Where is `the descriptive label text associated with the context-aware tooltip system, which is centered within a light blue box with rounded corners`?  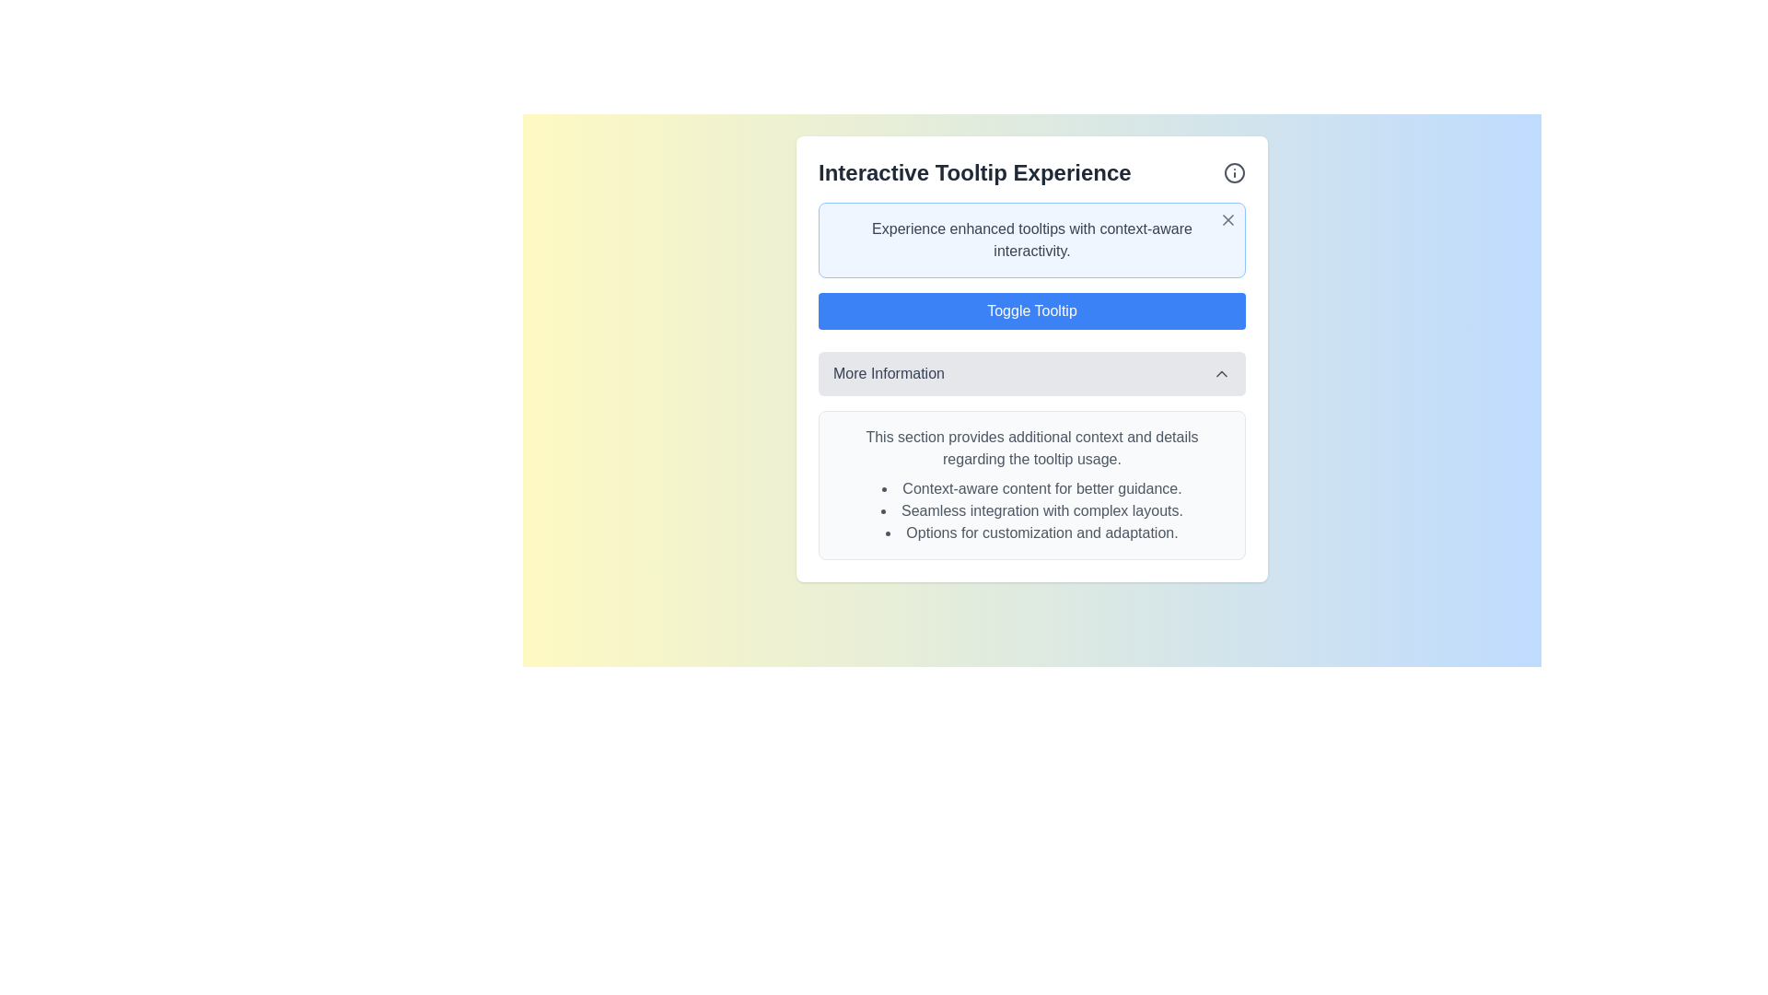 the descriptive label text associated with the context-aware tooltip system, which is centered within a light blue box with rounded corners is located at coordinates (1032, 240).